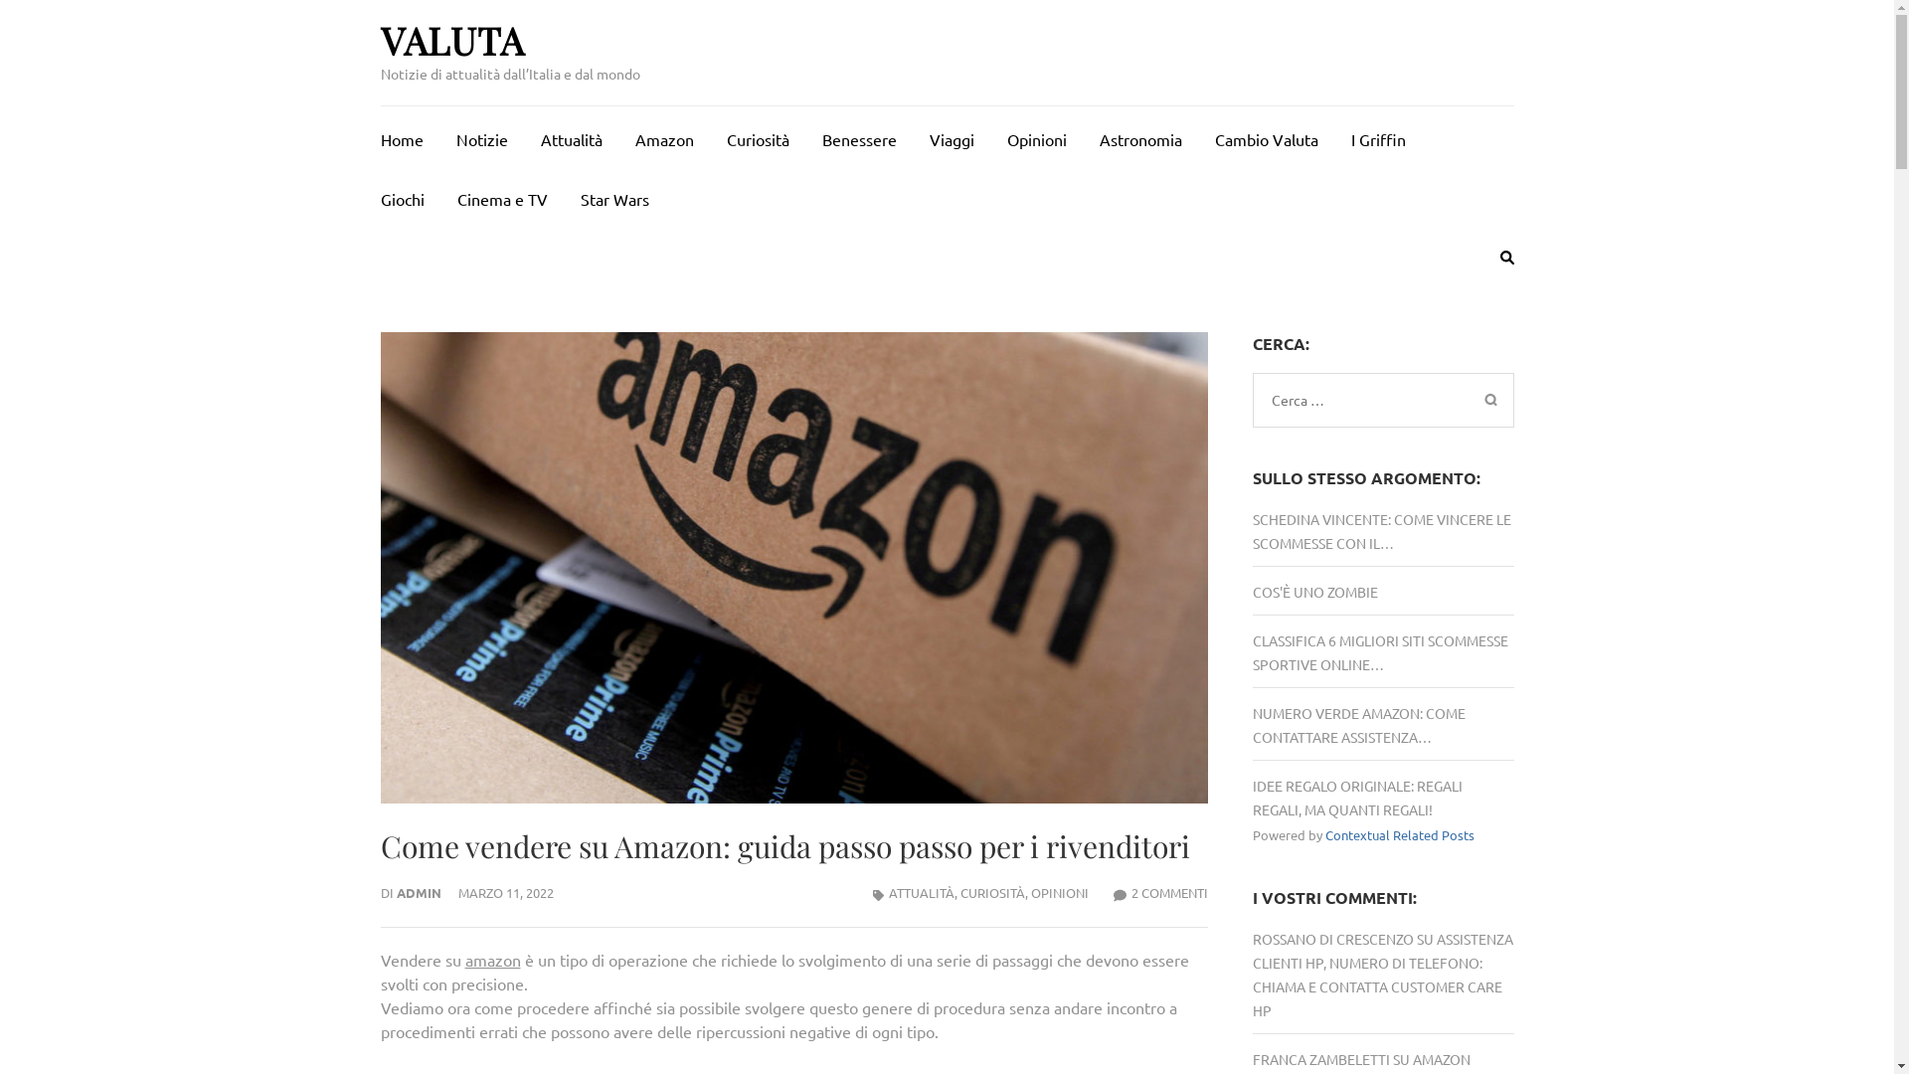  I want to click on 'Notizie', so click(481, 135).